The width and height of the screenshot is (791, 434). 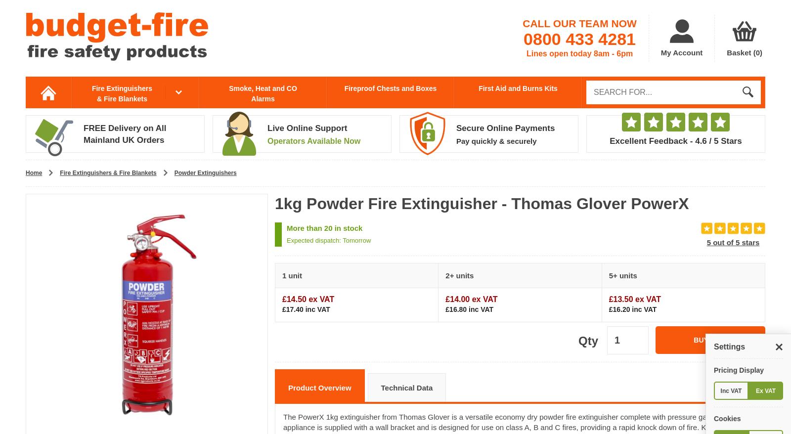 What do you see at coordinates (446, 141) in the screenshot?
I see `'Foam Extinguishers'` at bounding box center [446, 141].